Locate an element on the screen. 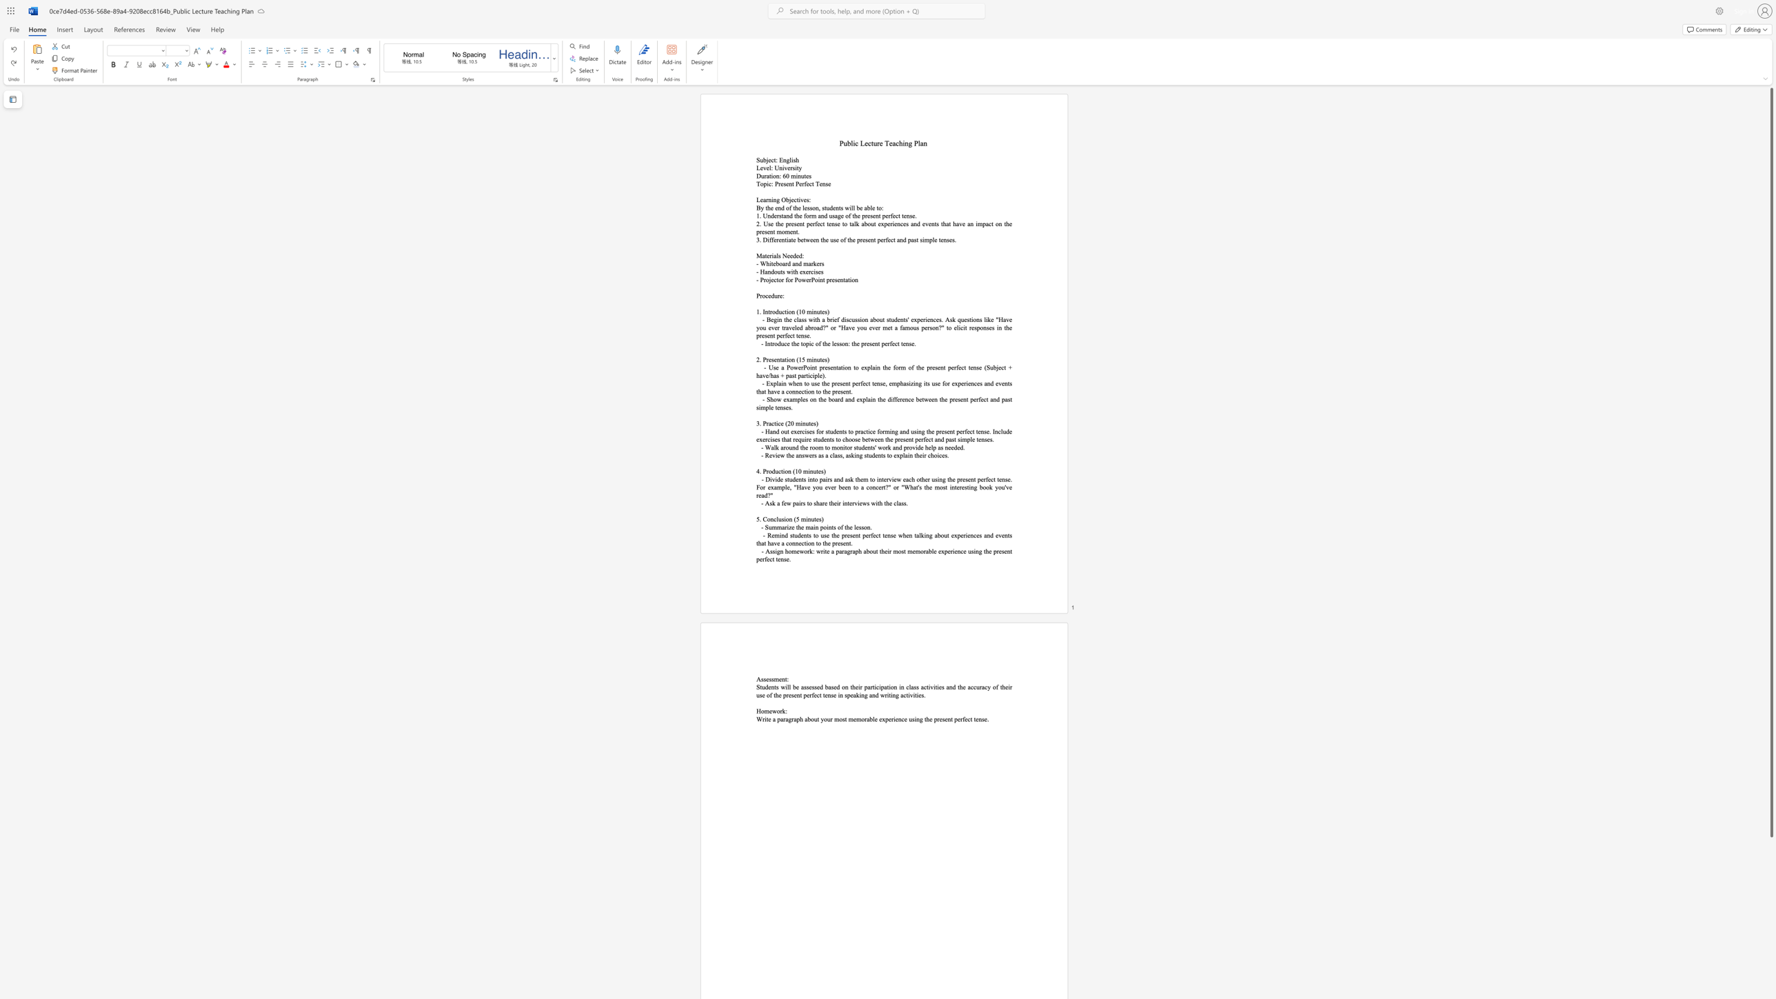 This screenshot has width=1776, height=999. the space between the continuous character "c" and "t" in the text is located at coordinates (871, 143).